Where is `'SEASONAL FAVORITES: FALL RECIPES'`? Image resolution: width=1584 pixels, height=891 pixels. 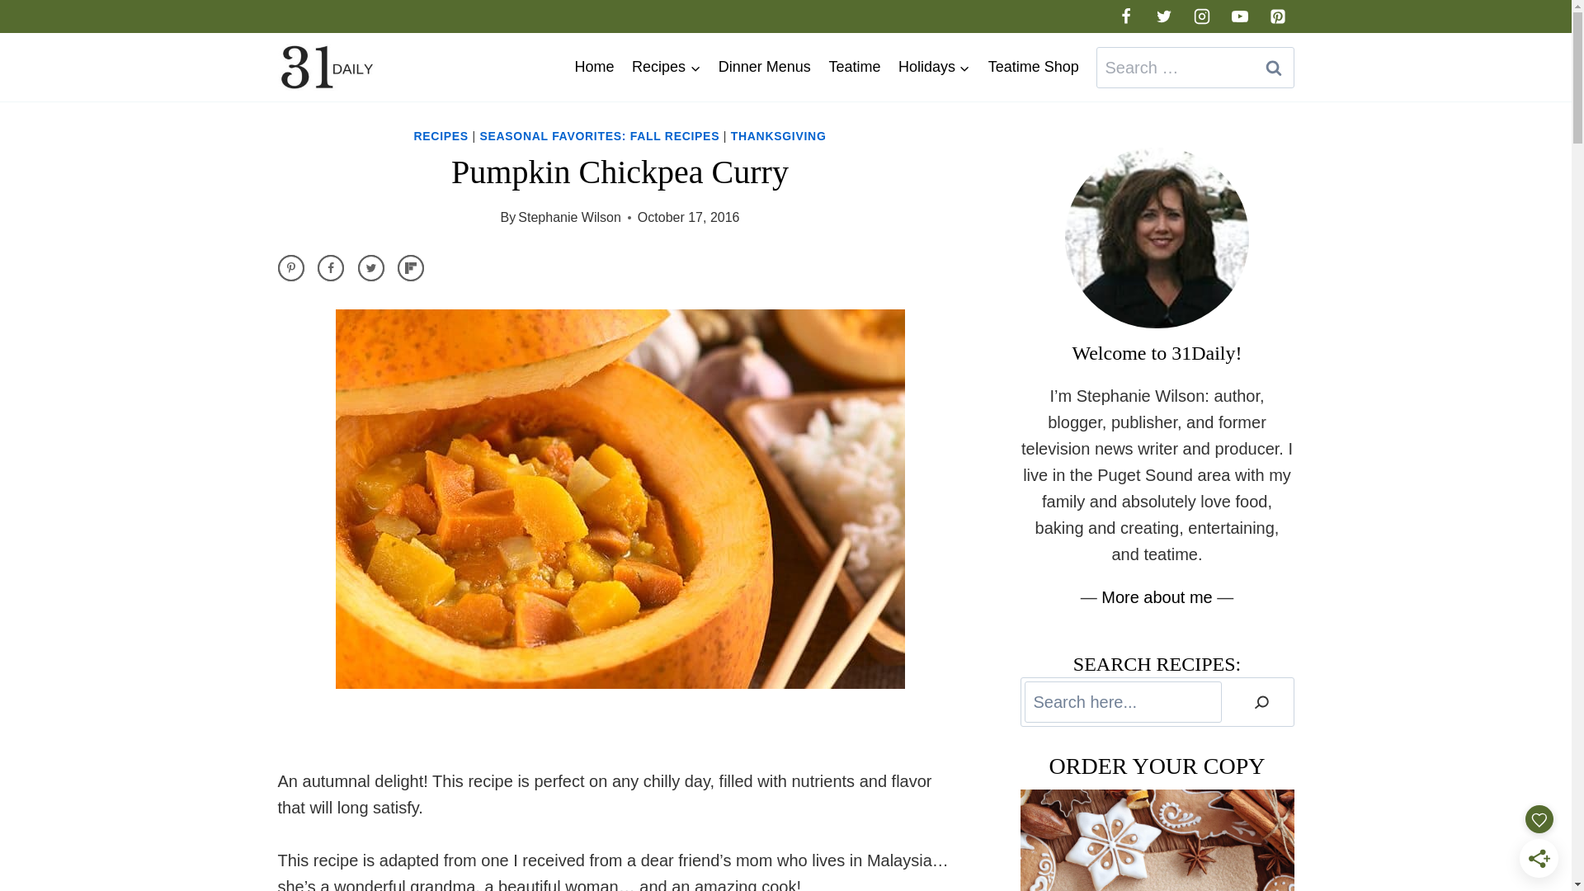
'SEASONAL FAVORITES: FALL RECIPES' is located at coordinates (598, 135).